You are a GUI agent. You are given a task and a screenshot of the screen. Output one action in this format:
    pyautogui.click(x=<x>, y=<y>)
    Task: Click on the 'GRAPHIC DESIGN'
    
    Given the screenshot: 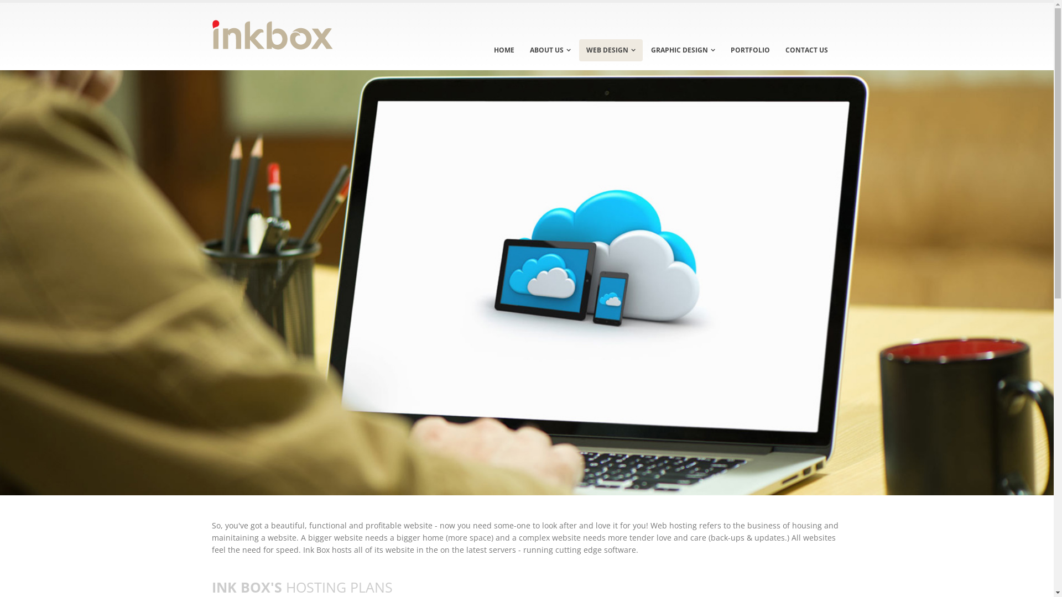 What is the action you would take?
    pyautogui.click(x=682, y=50)
    